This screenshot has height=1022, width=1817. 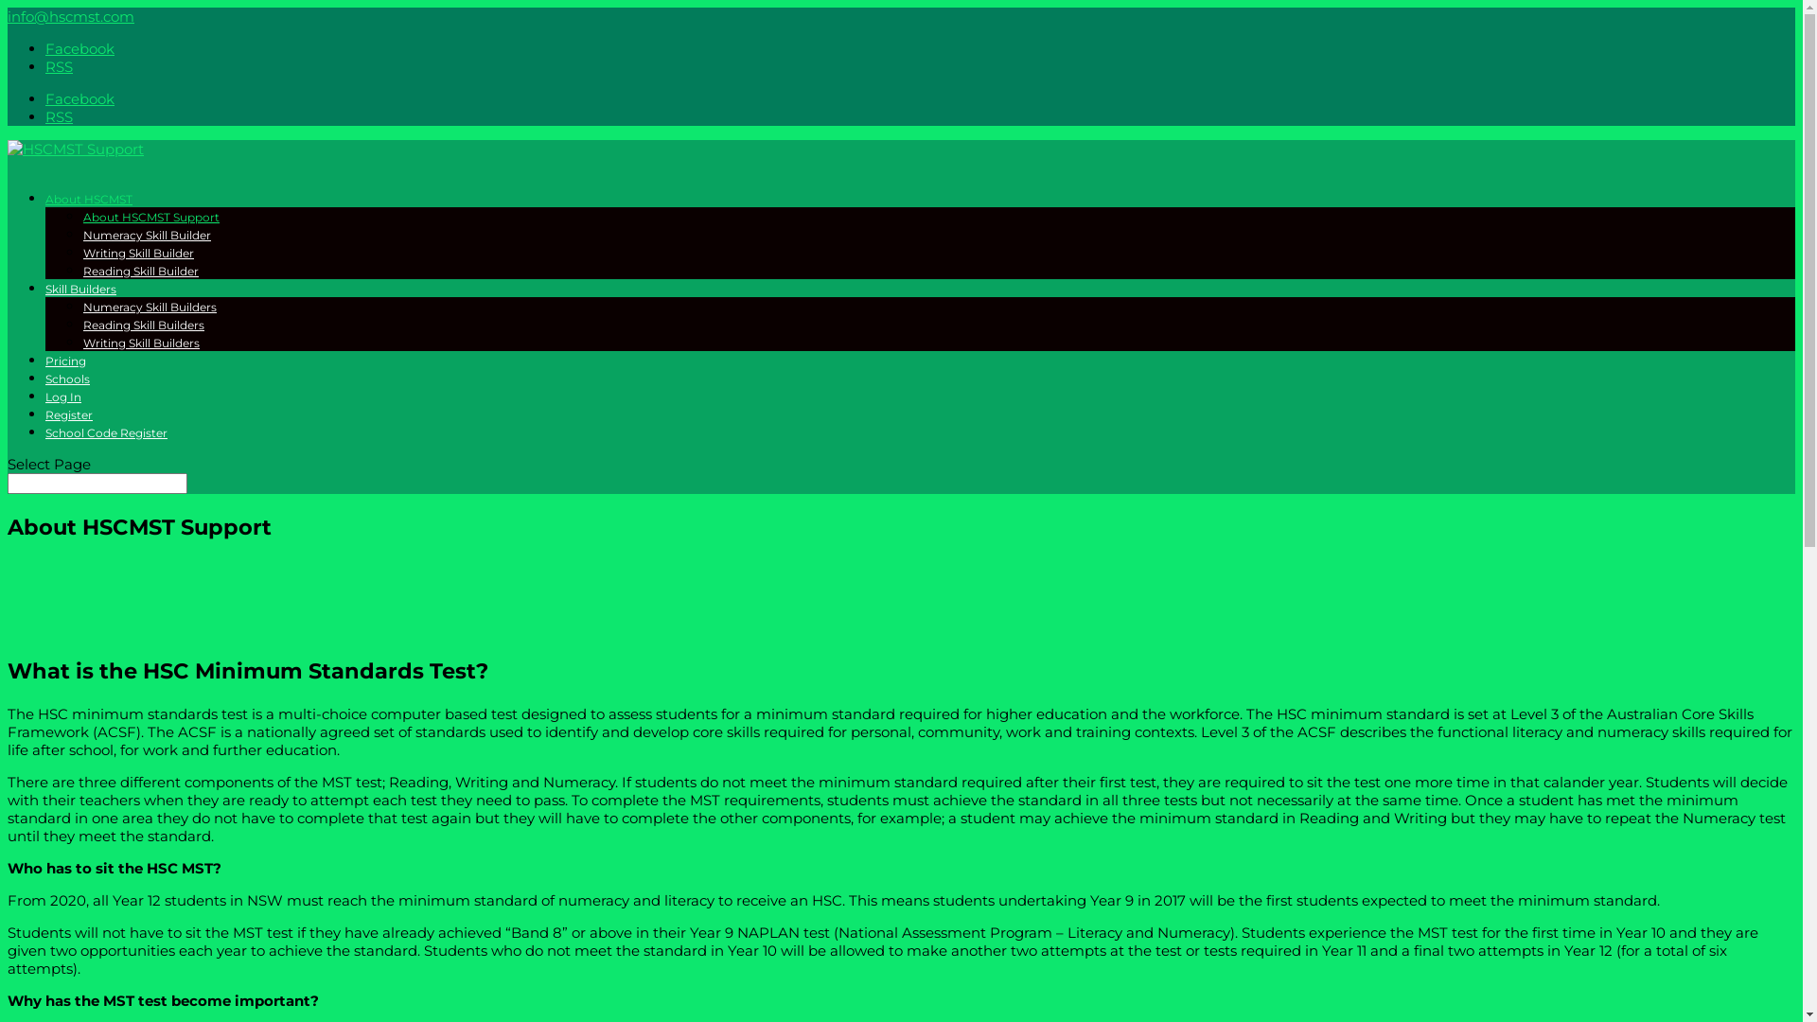 What do you see at coordinates (81, 271) in the screenshot?
I see `'Reading Skill Builder'` at bounding box center [81, 271].